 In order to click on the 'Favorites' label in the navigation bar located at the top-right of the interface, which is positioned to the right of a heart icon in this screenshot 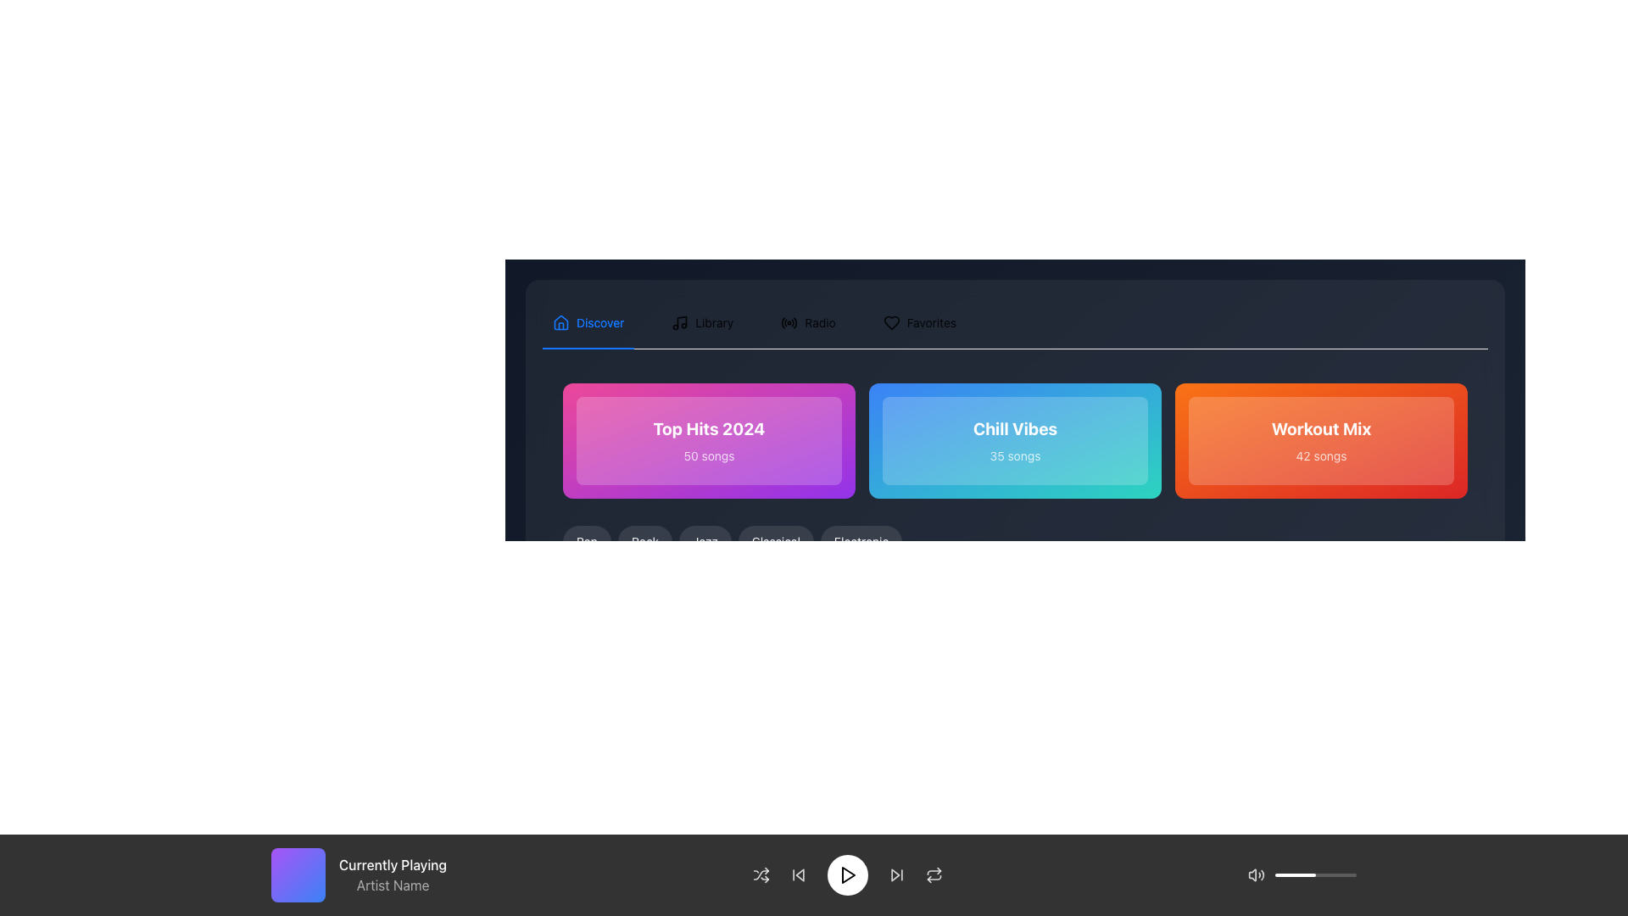, I will do `click(930, 323)`.